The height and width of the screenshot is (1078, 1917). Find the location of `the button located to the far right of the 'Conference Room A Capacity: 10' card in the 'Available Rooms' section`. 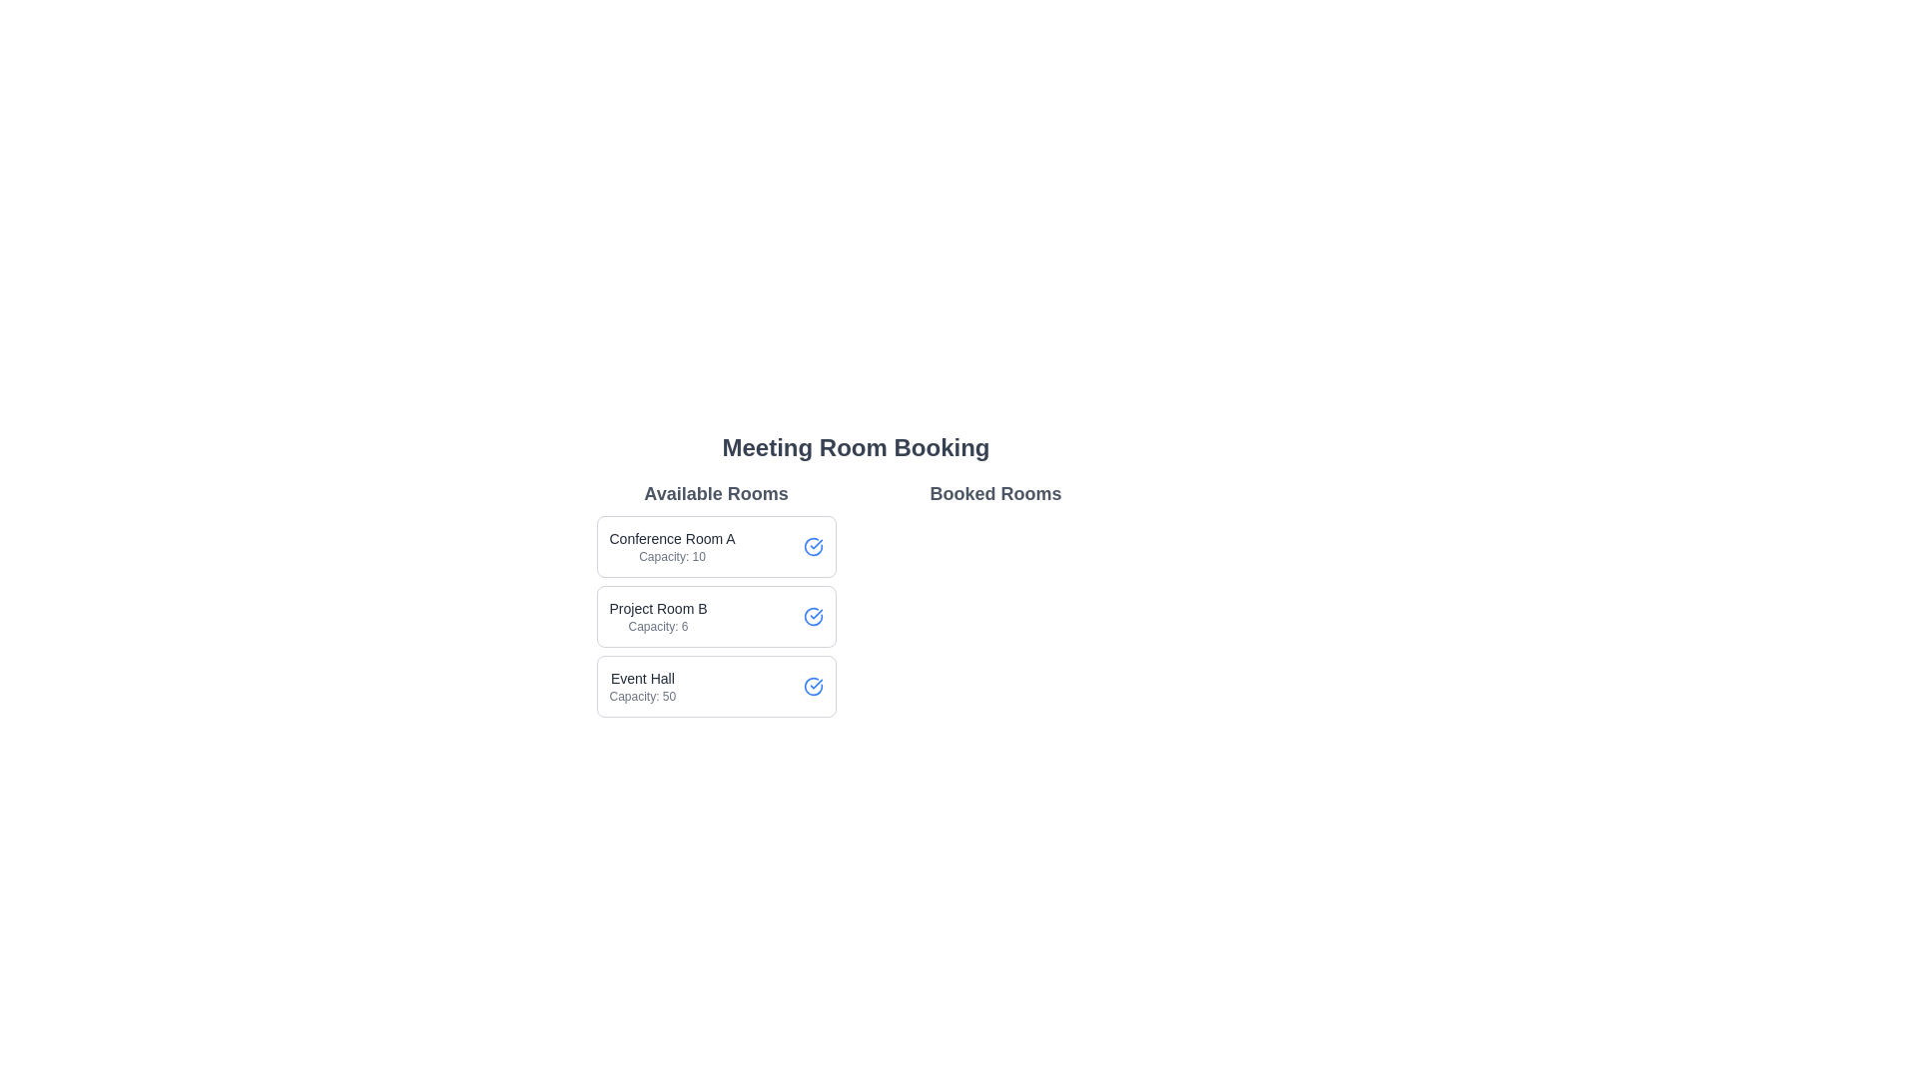

the button located to the far right of the 'Conference Room A Capacity: 10' card in the 'Available Rooms' section is located at coordinates (813, 546).